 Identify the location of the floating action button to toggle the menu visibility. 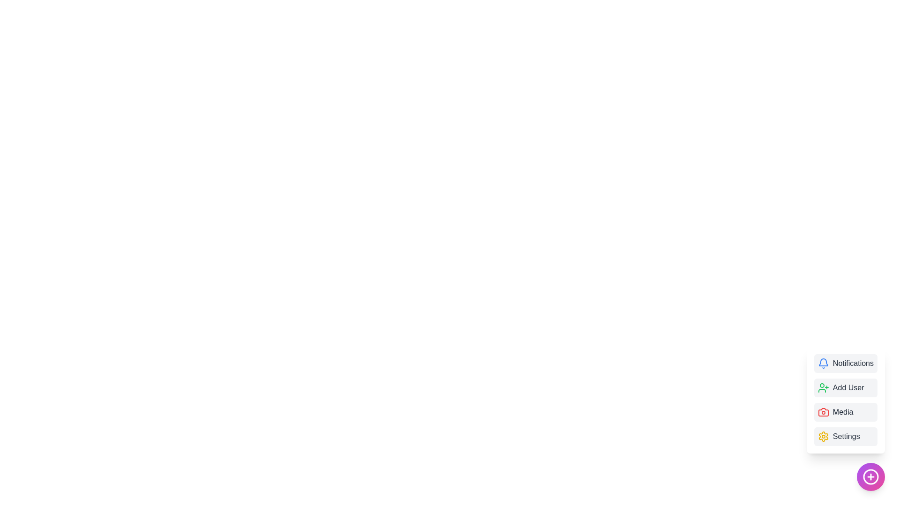
(870, 477).